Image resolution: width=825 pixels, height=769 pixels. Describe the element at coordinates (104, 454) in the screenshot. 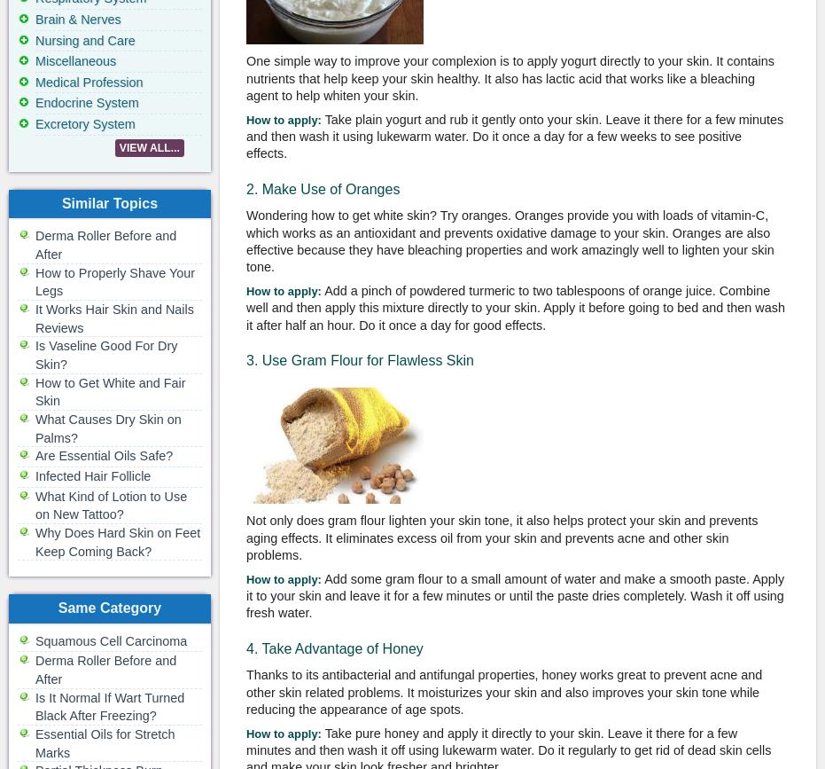

I see `'Are Essential Oils Safe?'` at that location.